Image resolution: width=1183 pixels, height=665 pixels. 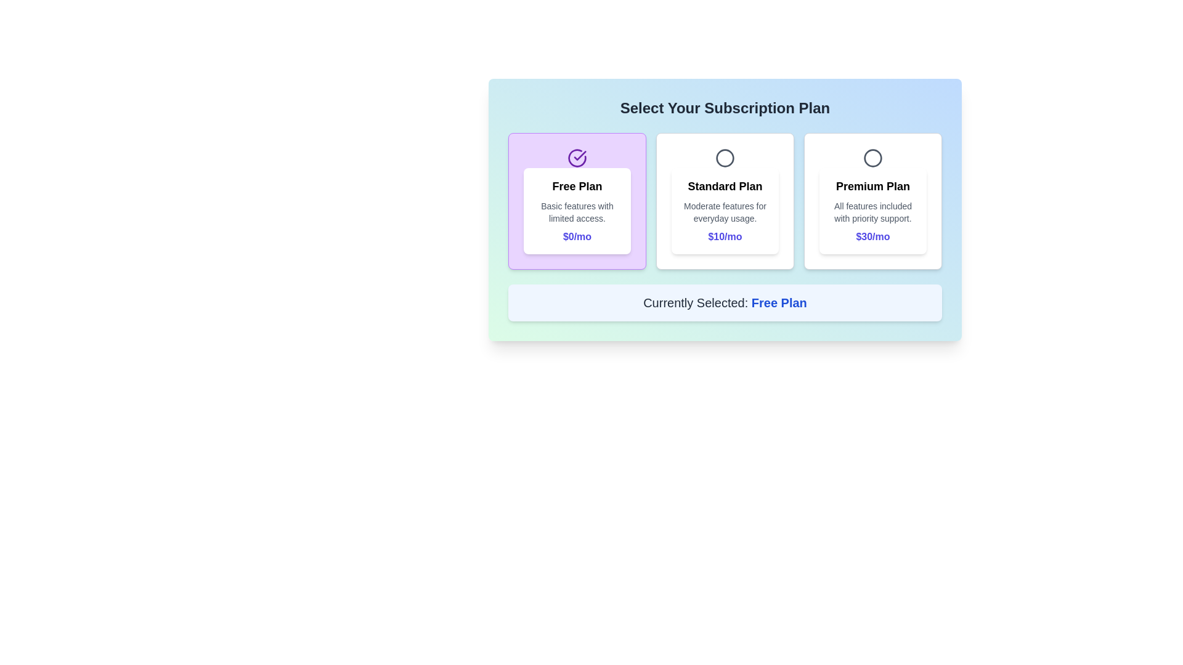 I want to click on the Informational Banner displaying the currently selected subscription plan, located at the bottom of the subscription selection interface, so click(x=725, y=303).